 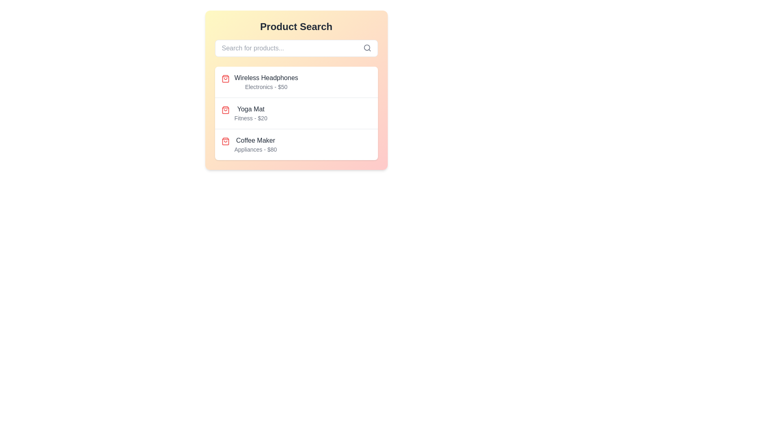 What do you see at coordinates (225, 110) in the screenshot?
I see `the shopping bag icon located to the left of the 'Yoga Mat' description in the second entry of the product listings` at bounding box center [225, 110].